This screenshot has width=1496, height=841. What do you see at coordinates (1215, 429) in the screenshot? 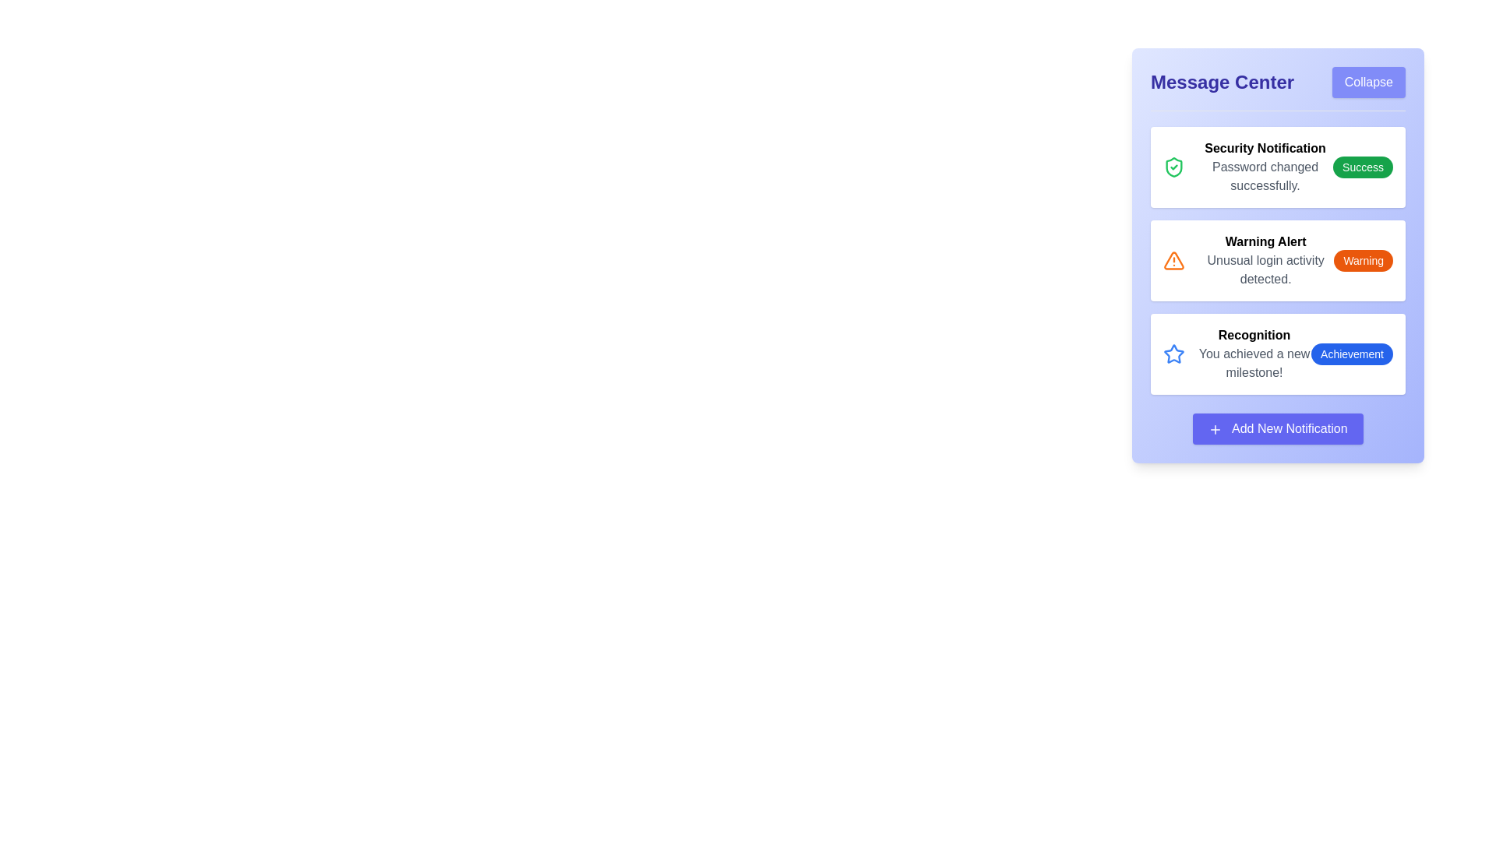
I see `the small, cross-shaped icon located to the left of the 'Add New Notification' button` at bounding box center [1215, 429].